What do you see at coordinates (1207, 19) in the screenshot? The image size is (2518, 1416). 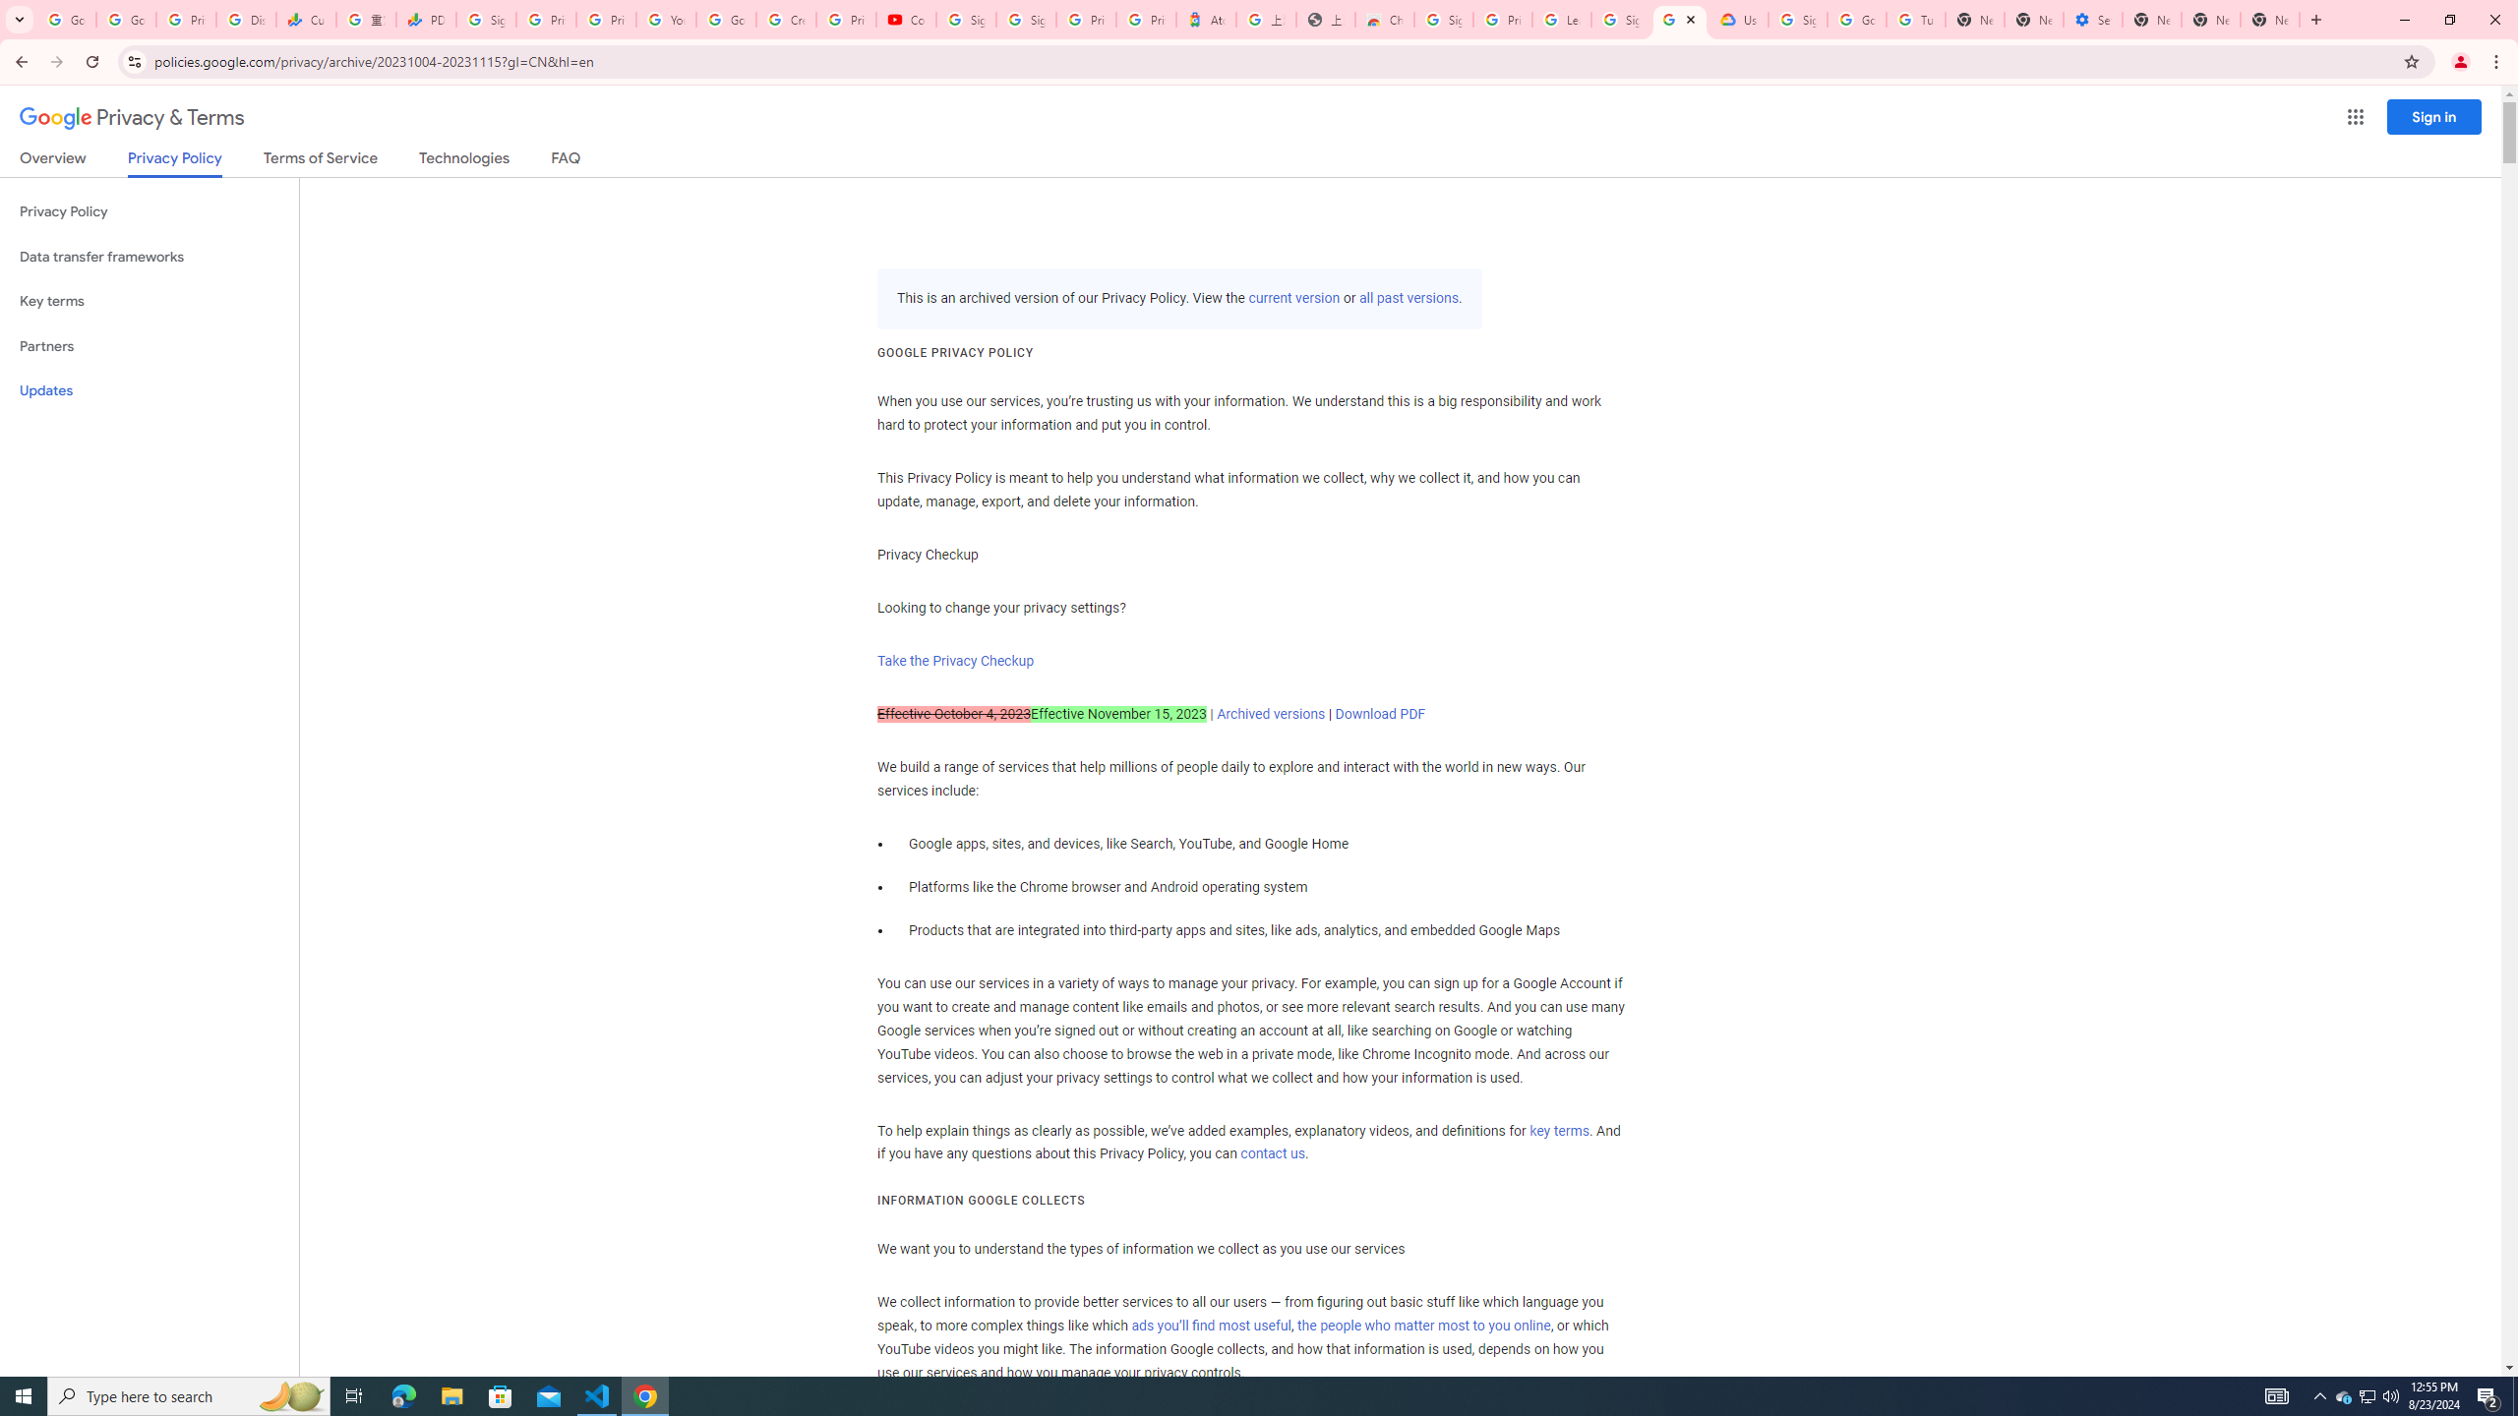 I see `'Atour Hotel - Google hotels'` at bounding box center [1207, 19].